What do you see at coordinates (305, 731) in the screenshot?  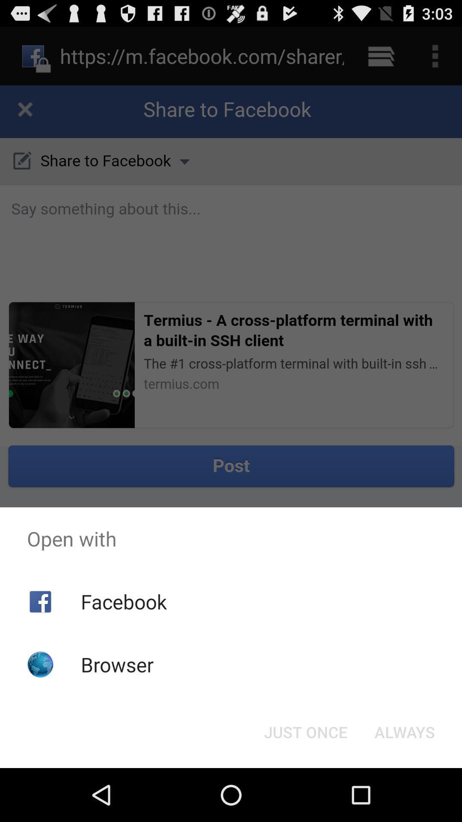 I see `item below the open with` at bounding box center [305, 731].